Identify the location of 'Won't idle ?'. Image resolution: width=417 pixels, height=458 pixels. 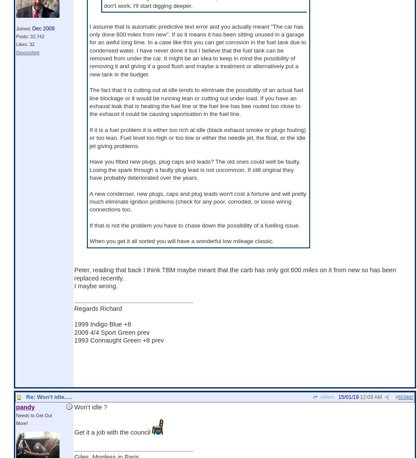
(90, 407).